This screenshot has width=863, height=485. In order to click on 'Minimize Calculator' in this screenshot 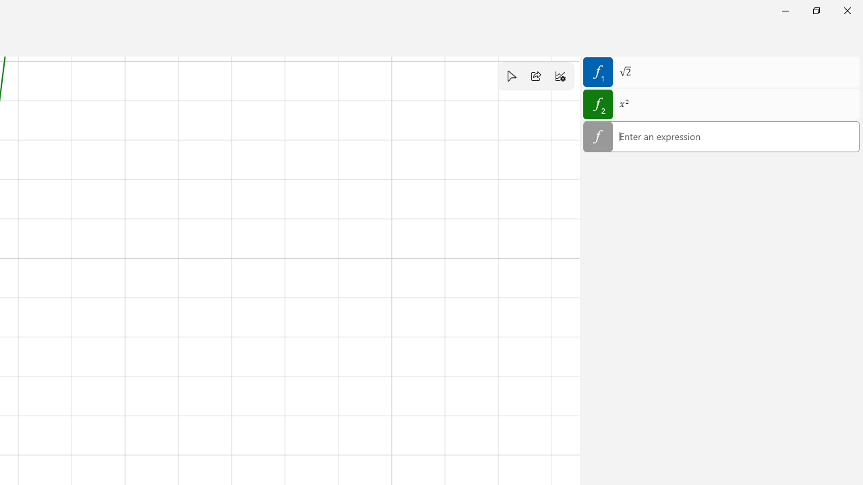, I will do `click(785, 10)`.